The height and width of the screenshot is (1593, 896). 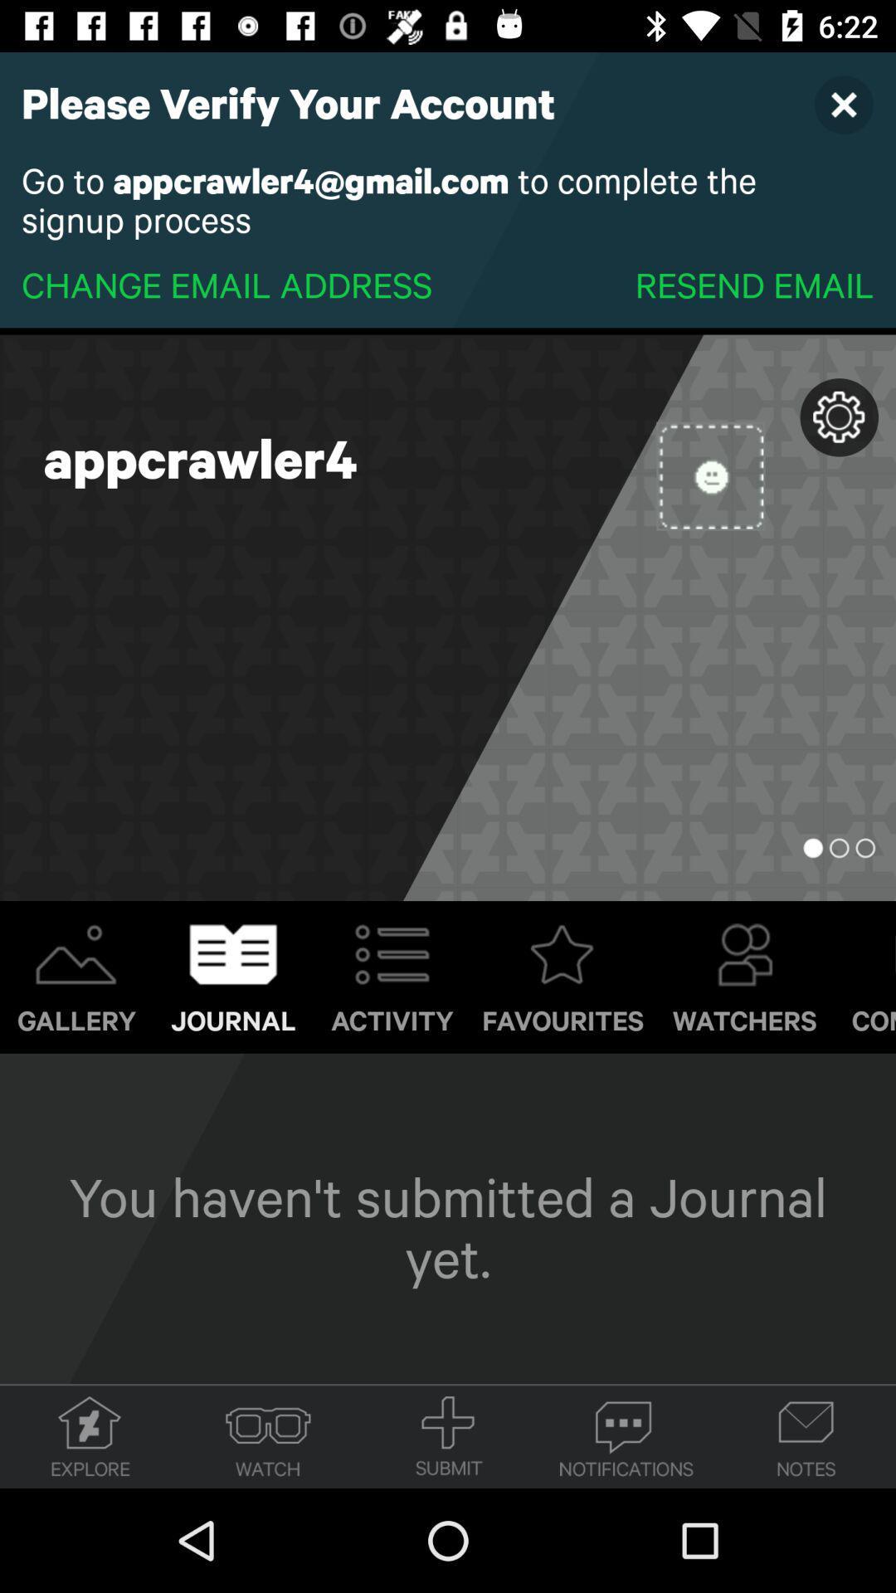 What do you see at coordinates (226, 284) in the screenshot?
I see `the item below the go to appcrawler4` at bounding box center [226, 284].